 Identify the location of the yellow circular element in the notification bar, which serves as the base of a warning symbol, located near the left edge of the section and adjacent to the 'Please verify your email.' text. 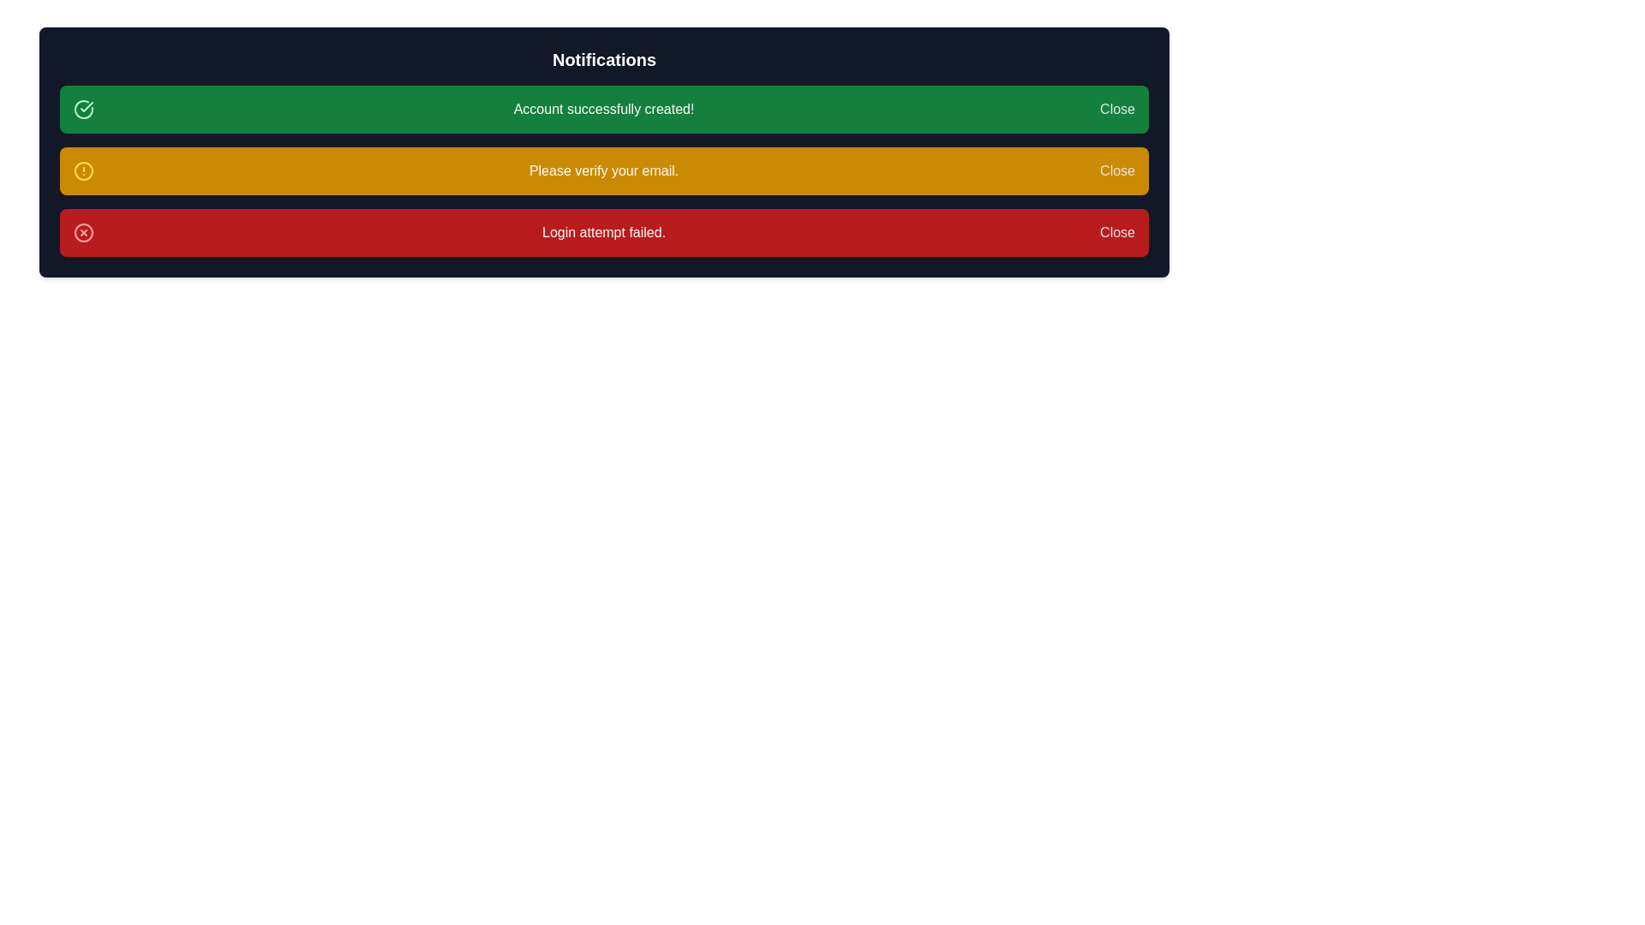
(82, 171).